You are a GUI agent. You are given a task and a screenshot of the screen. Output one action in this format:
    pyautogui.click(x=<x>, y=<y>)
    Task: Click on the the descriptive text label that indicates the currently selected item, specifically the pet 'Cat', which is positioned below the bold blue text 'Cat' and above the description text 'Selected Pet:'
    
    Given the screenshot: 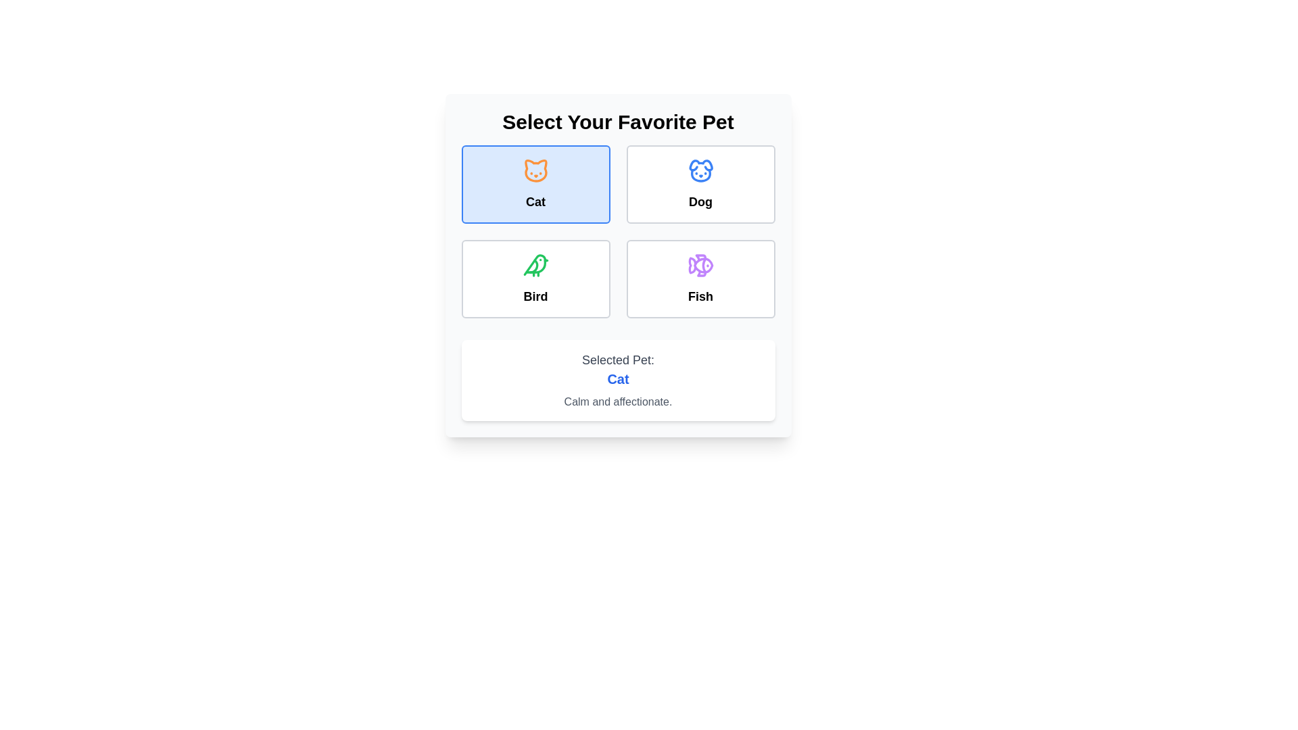 What is the action you would take?
    pyautogui.click(x=617, y=401)
    